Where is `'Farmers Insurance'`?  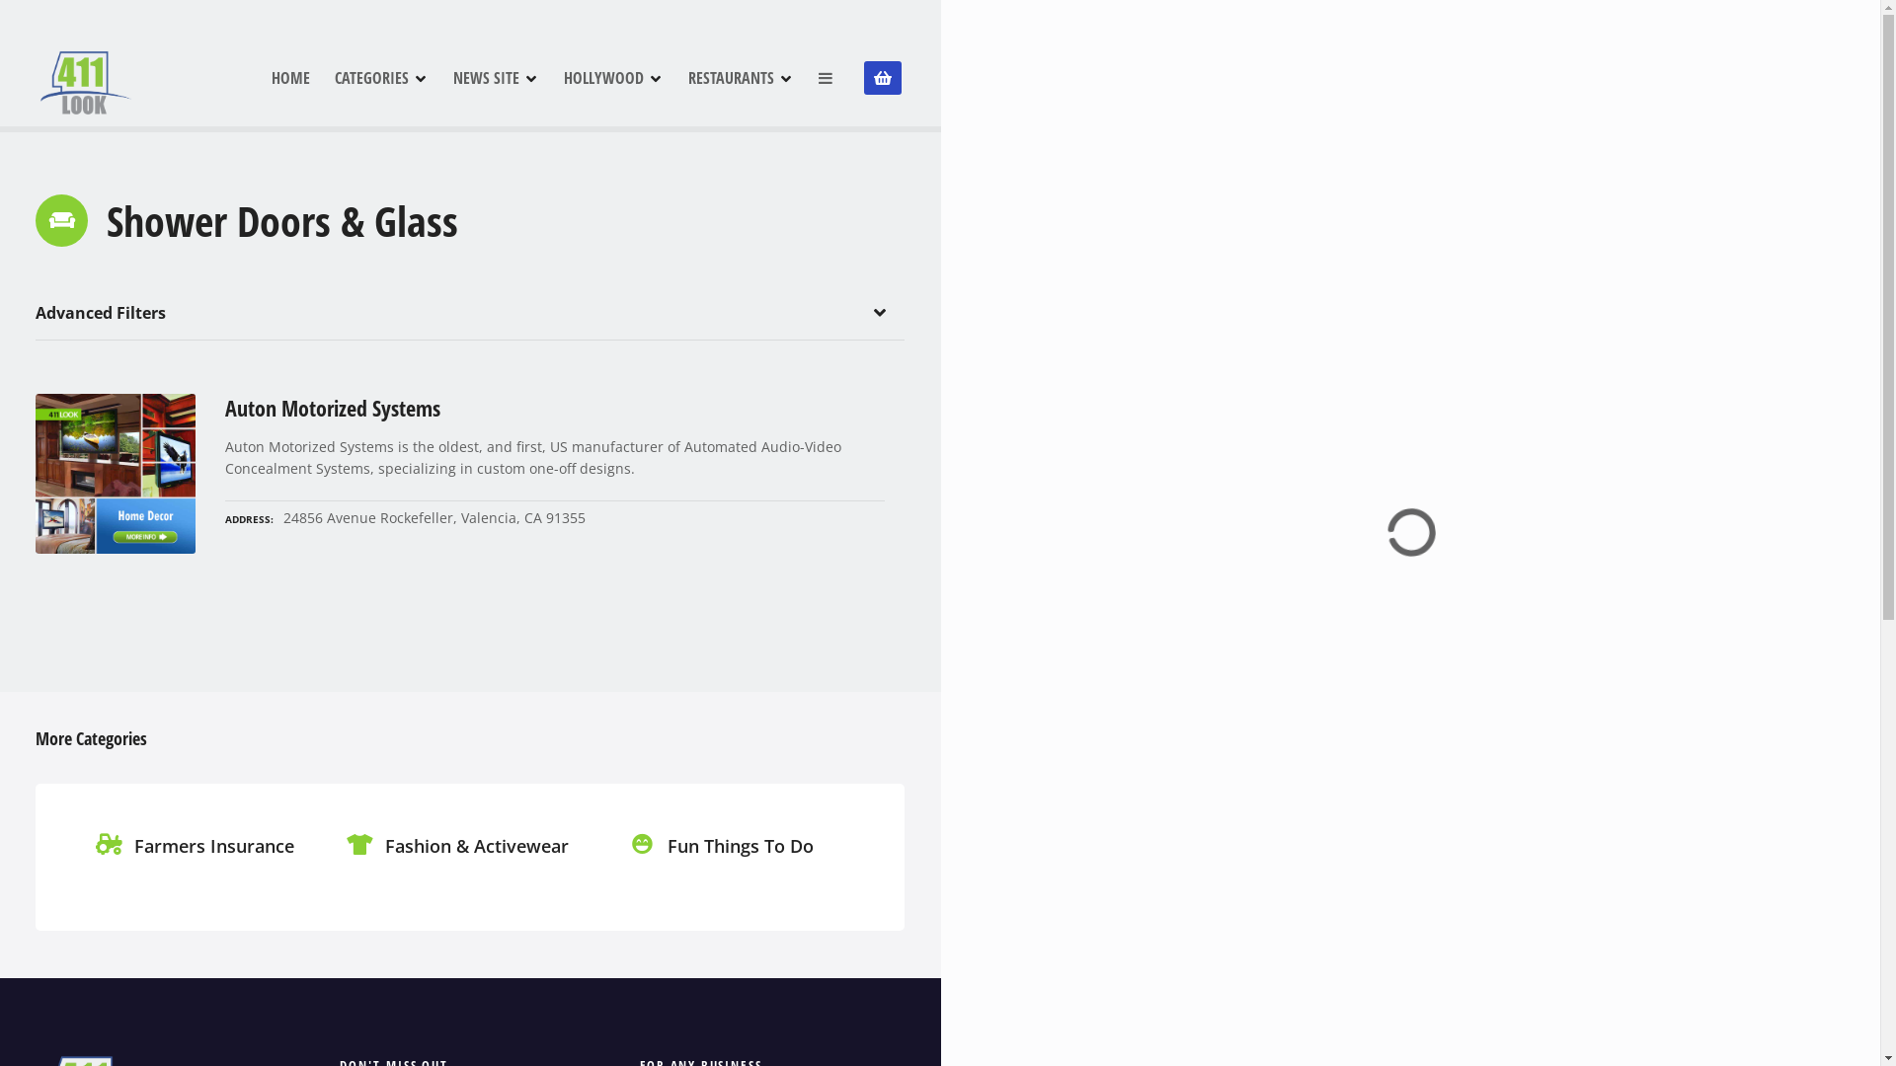
'Farmers Insurance' is located at coordinates (198, 868).